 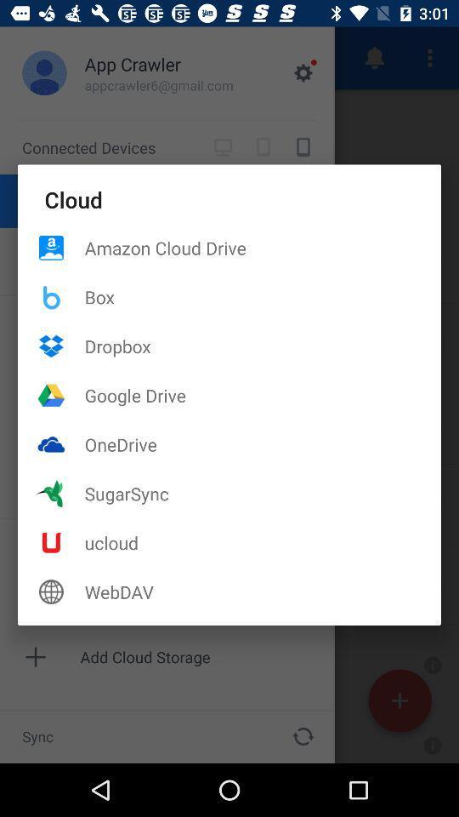 I want to click on the item above the box icon, so click(x=263, y=247).